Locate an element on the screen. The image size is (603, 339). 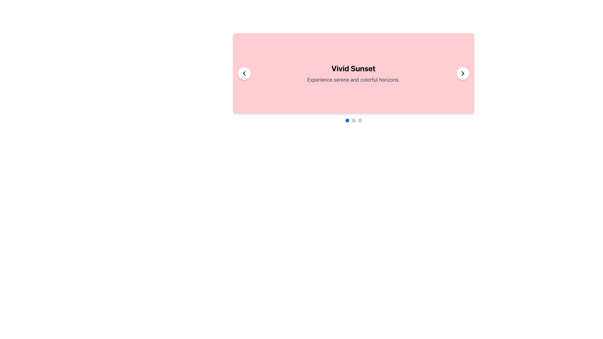
the interactive navigation button located on the extreme right of the pink rectangular card titled 'Vivid Sunset' is located at coordinates (463, 73).